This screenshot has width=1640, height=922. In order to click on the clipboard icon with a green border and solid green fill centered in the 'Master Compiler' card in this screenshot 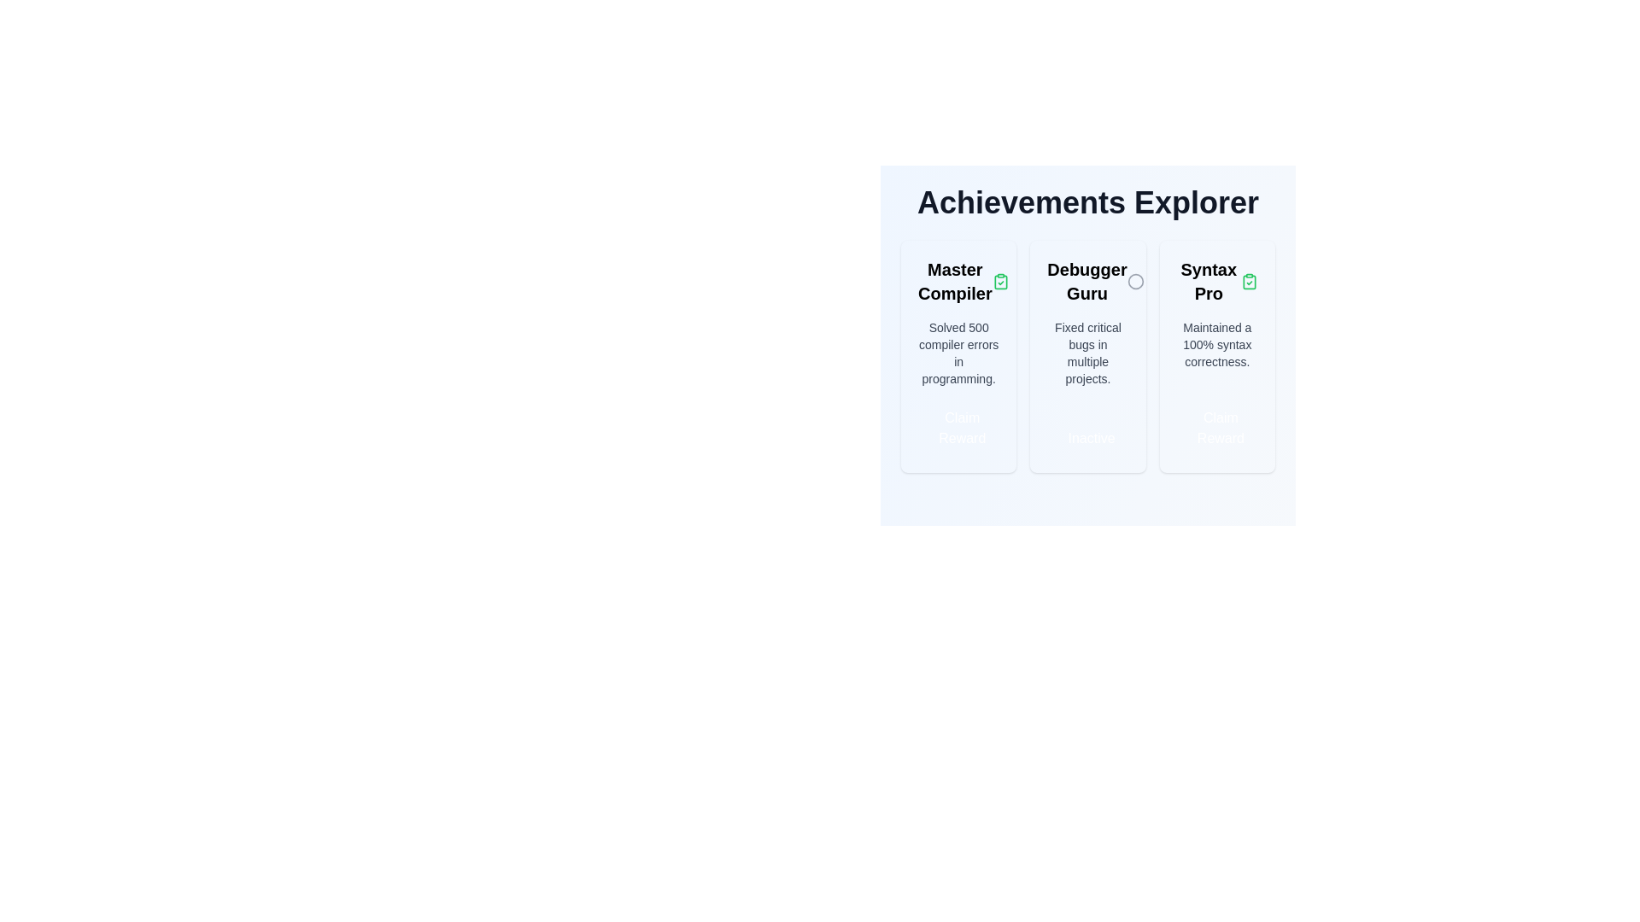, I will do `click(1250, 281)`.